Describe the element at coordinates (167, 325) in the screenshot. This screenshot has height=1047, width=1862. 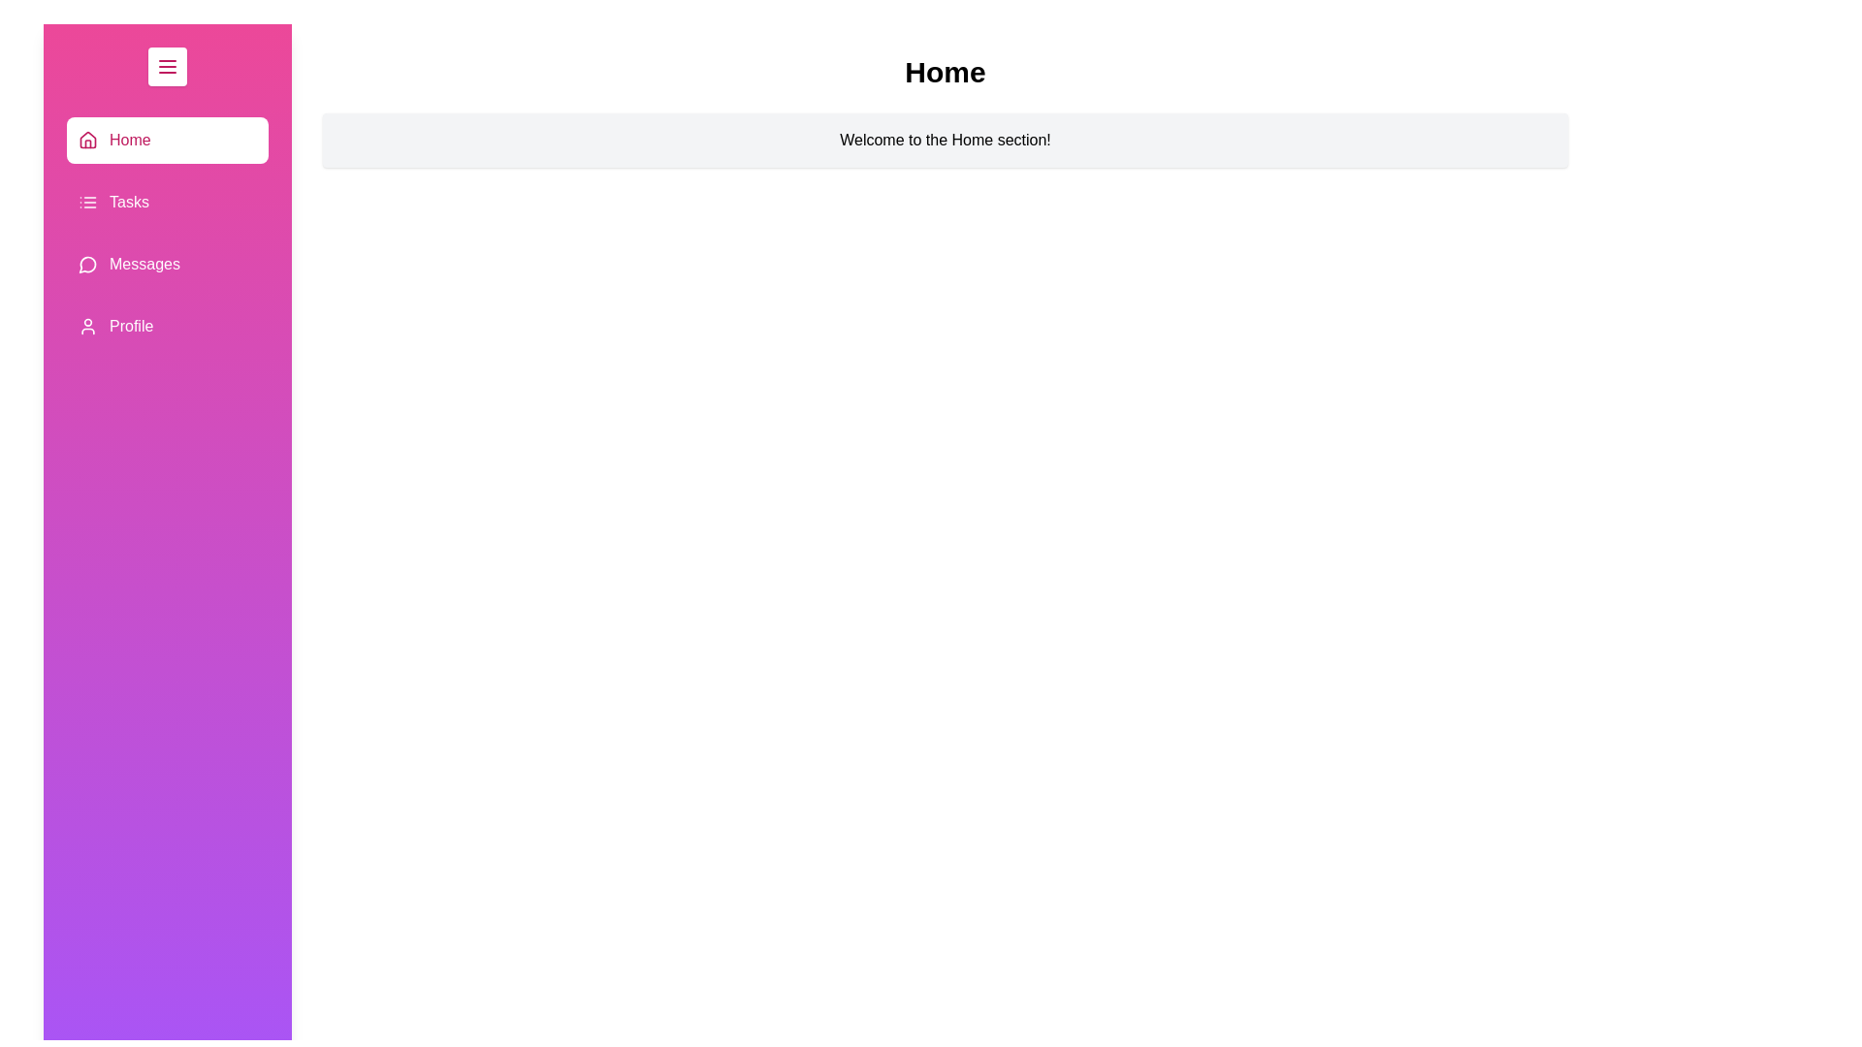
I see `the section Profile by clicking on its corresponding item in the list` at that location.